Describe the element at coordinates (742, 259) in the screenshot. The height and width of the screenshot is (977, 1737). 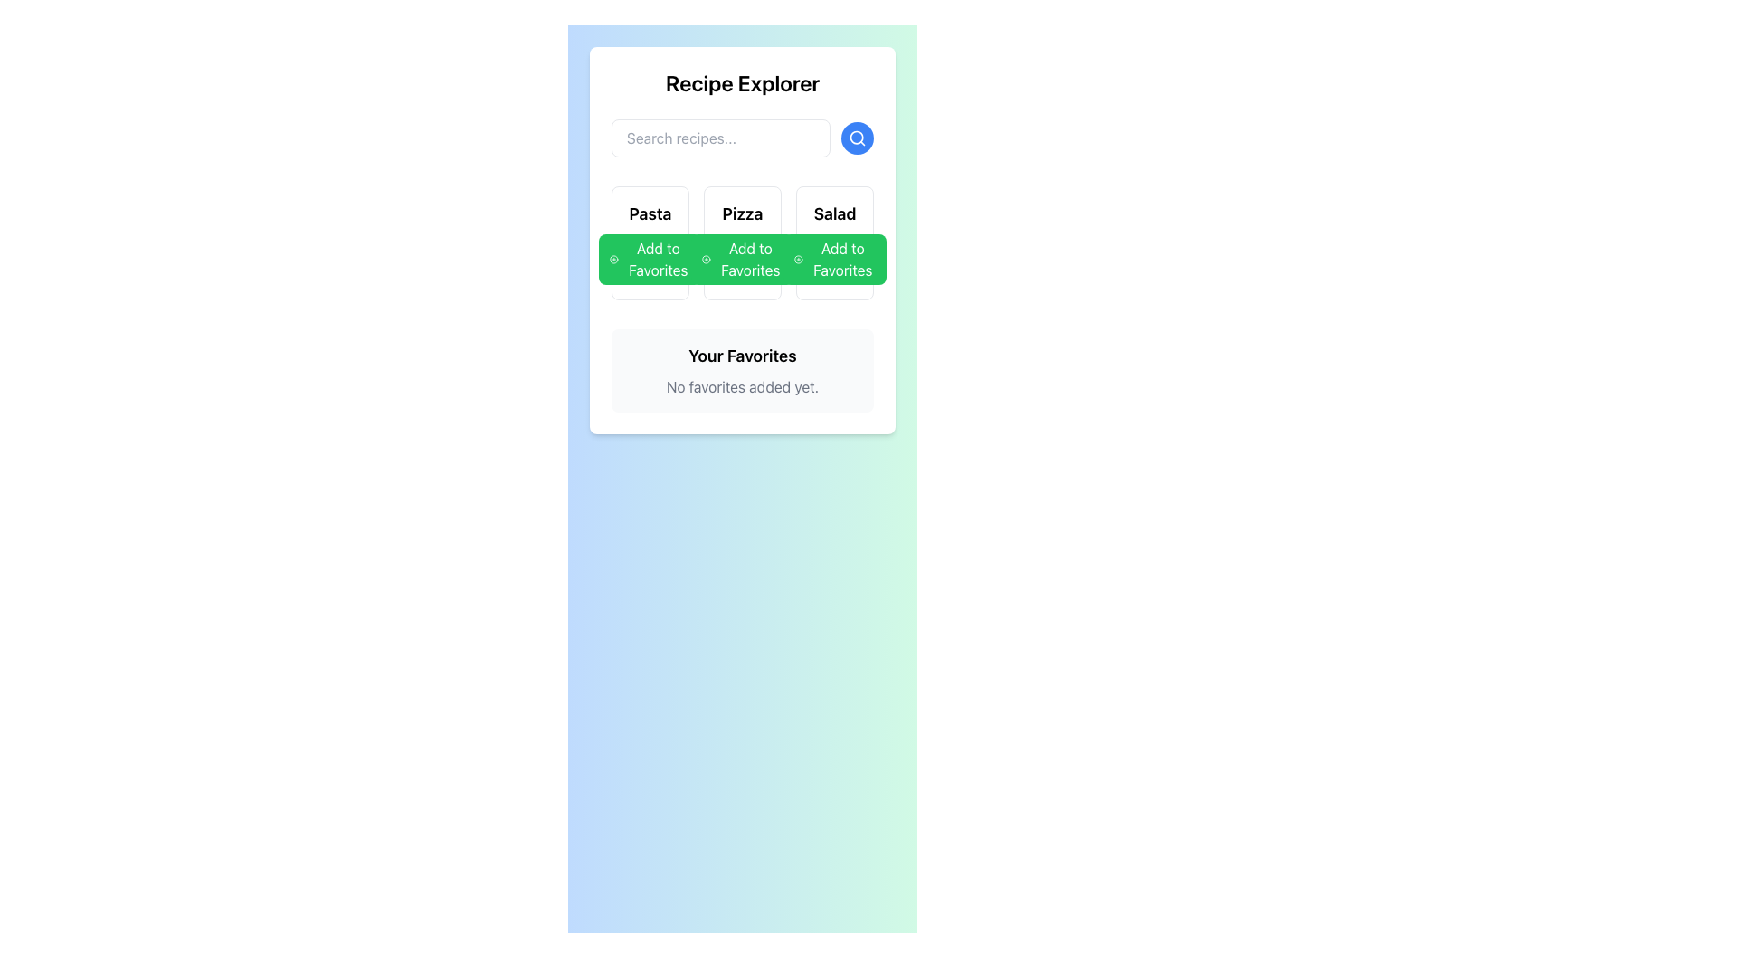
I see `the 'Add to Favorites' button, which has a green background, white text, and a plus sign icon, located beneath the 'Pizza' label` at that location.